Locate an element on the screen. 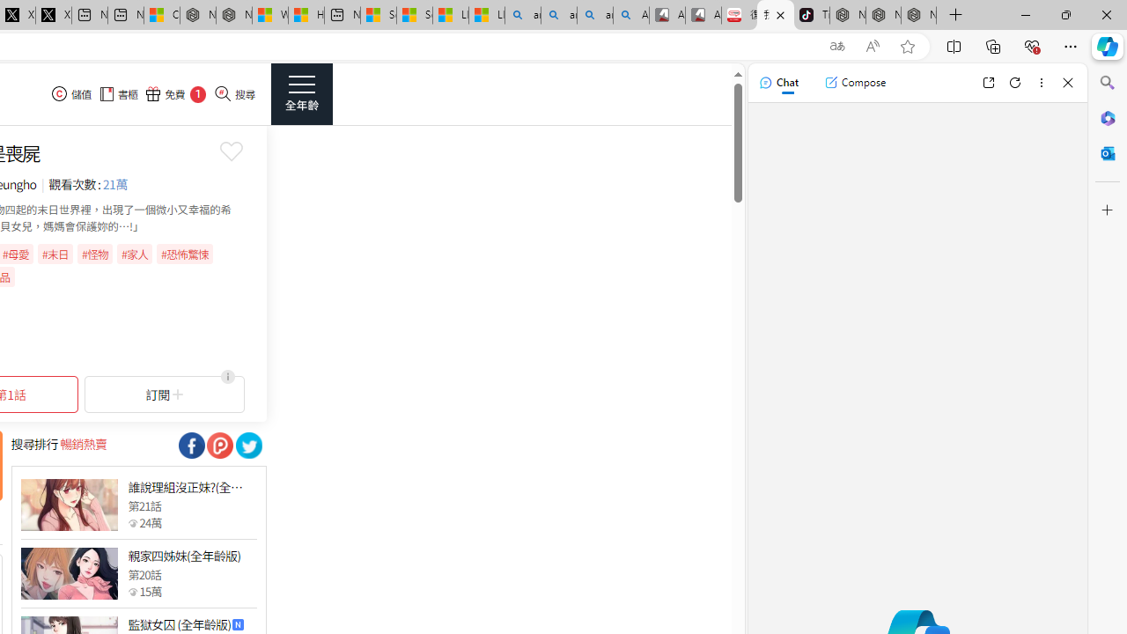 Image resolution: width=1127 pixels, height=634 pixels. 'Restore' is located at coordinates (1064, 14).